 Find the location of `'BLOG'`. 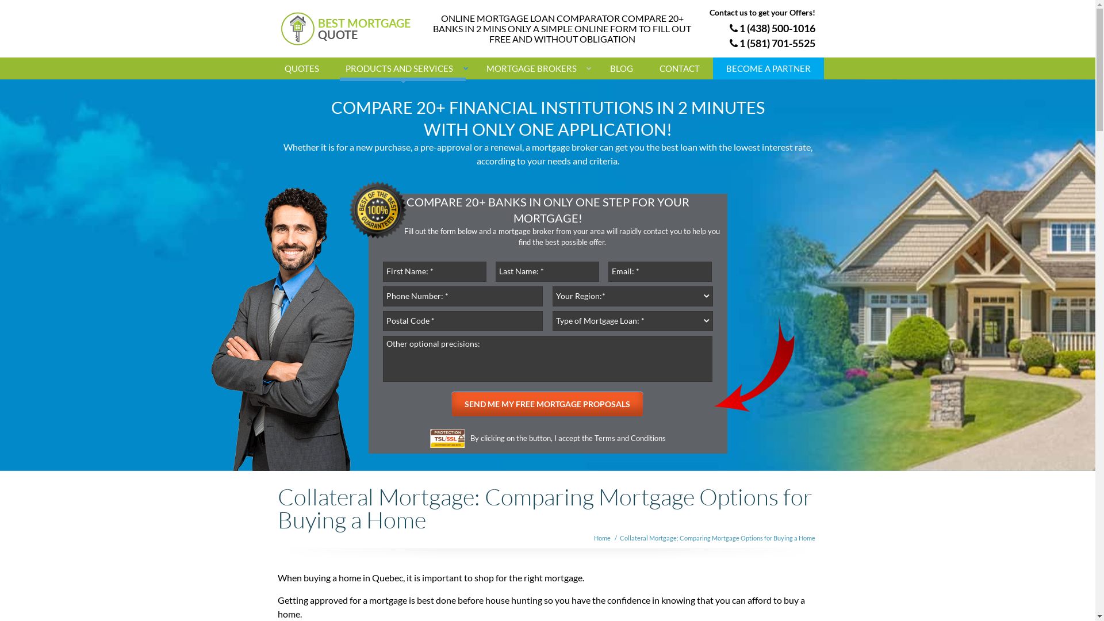

'BLOG' is located at coordinates (596, 68).